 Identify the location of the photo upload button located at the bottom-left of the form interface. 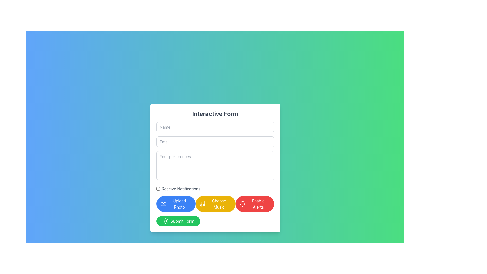
(176, 203).